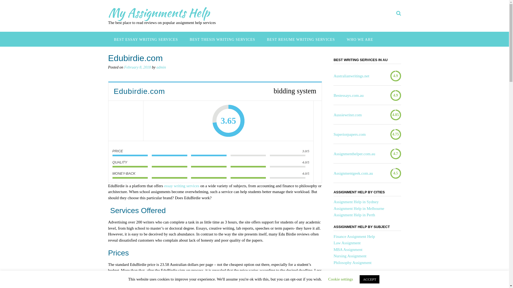 The image size is (513, 288). Describe the element at coordinates (146, 39) in the screenshot. I see `'BEST ESSAY WRITING SERVICES'` at that location.